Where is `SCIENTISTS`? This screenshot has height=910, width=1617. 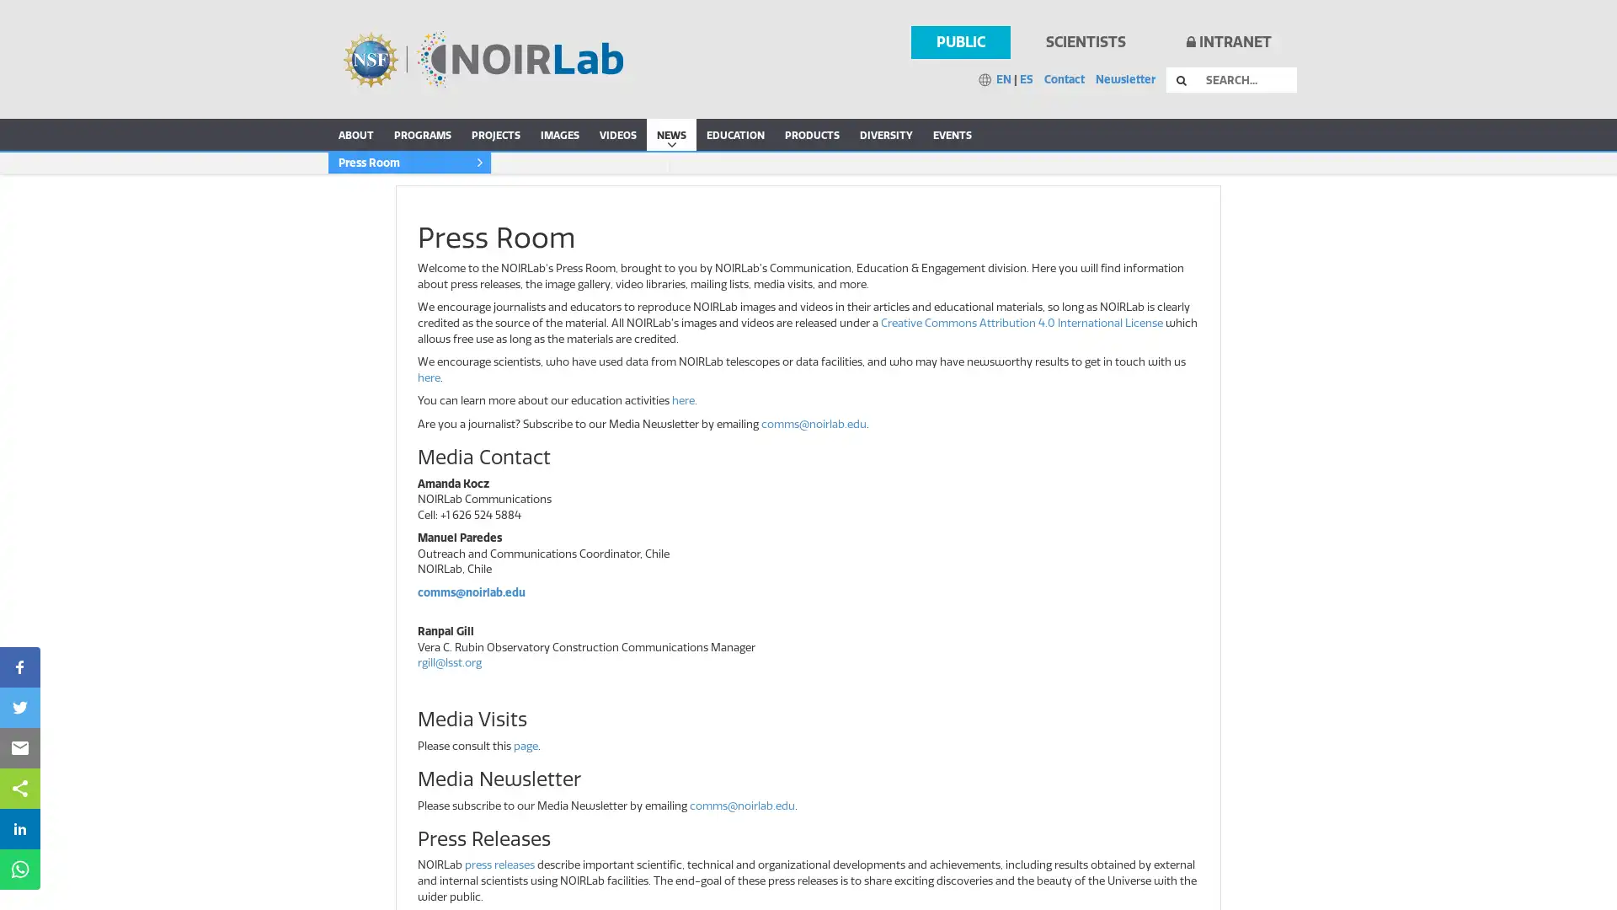 SCIENTISTS is located at coordinates (1085, 41).